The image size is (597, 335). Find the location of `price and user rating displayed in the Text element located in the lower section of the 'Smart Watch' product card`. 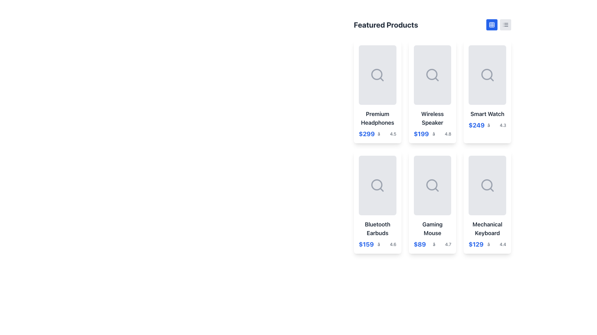

price and user rating displayed in the Text element located in the lower section of the 'Smart Watch' product card is located at coordinates (487, 125).